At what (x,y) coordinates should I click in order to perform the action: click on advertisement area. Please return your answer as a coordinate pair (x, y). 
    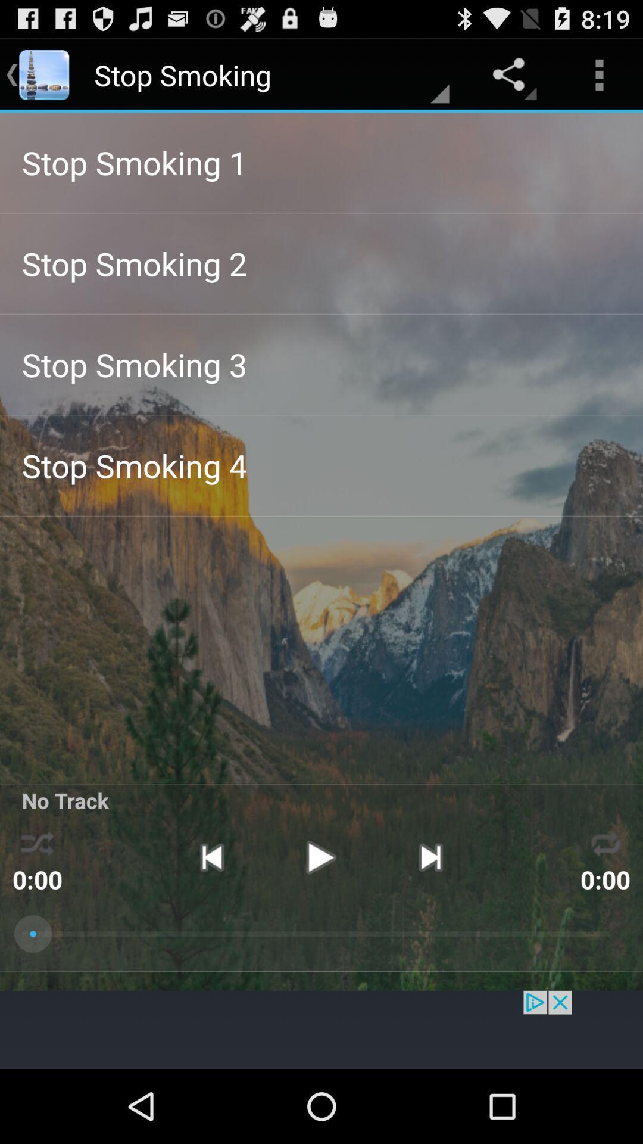
    Looking at the image, I should click on (321, 1029).